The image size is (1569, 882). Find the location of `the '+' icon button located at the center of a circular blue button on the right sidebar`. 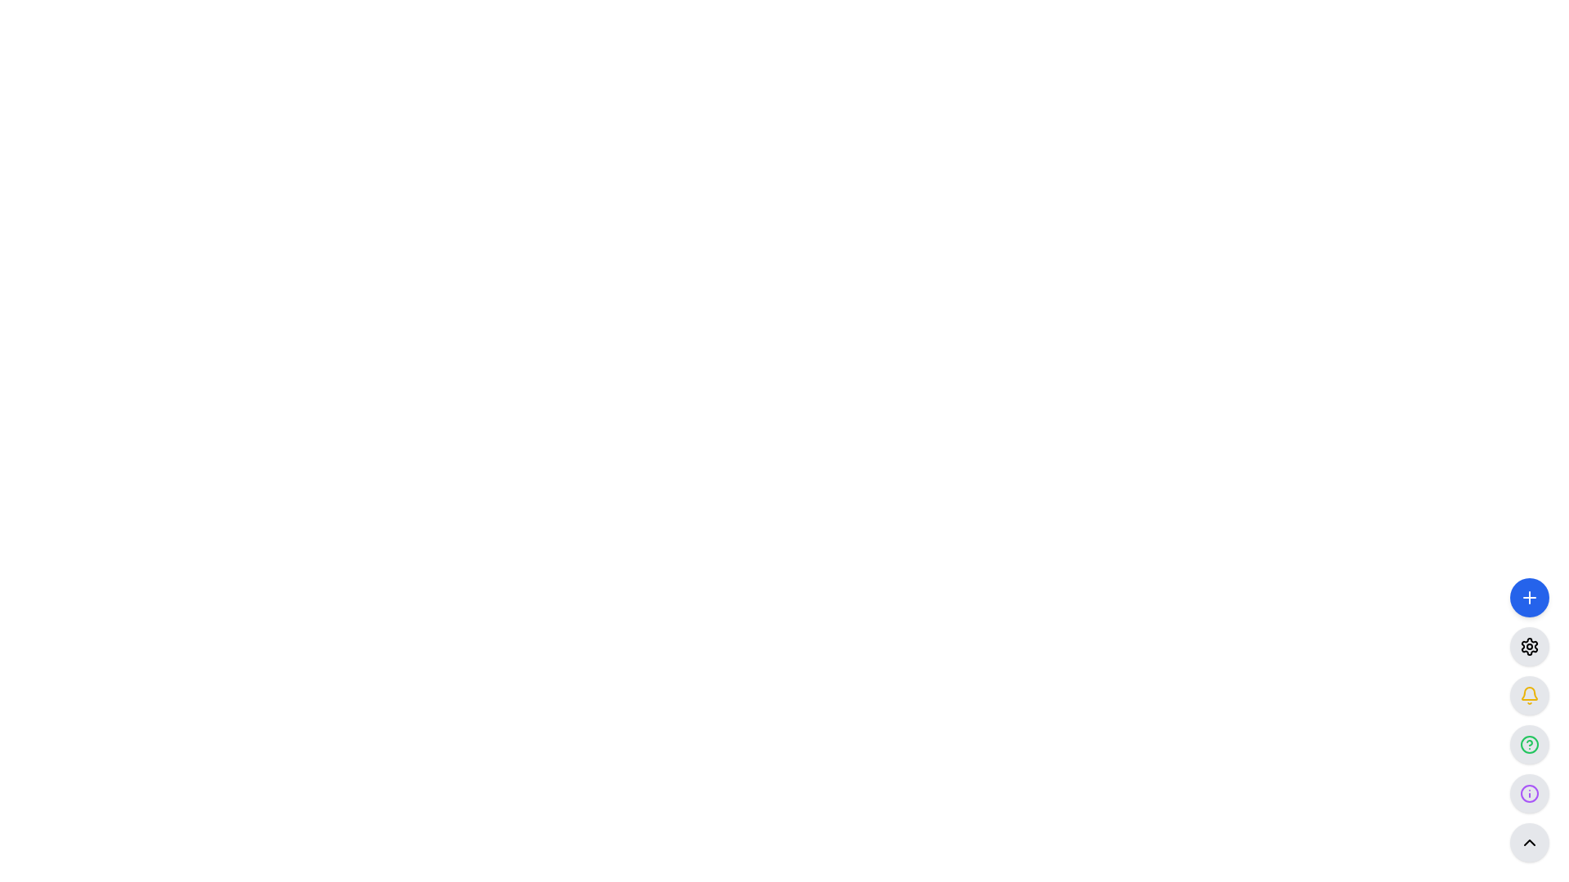

the '+' icon button located at the center of a circular blue button on the right sidebar is located at coordinates (1529, 598).